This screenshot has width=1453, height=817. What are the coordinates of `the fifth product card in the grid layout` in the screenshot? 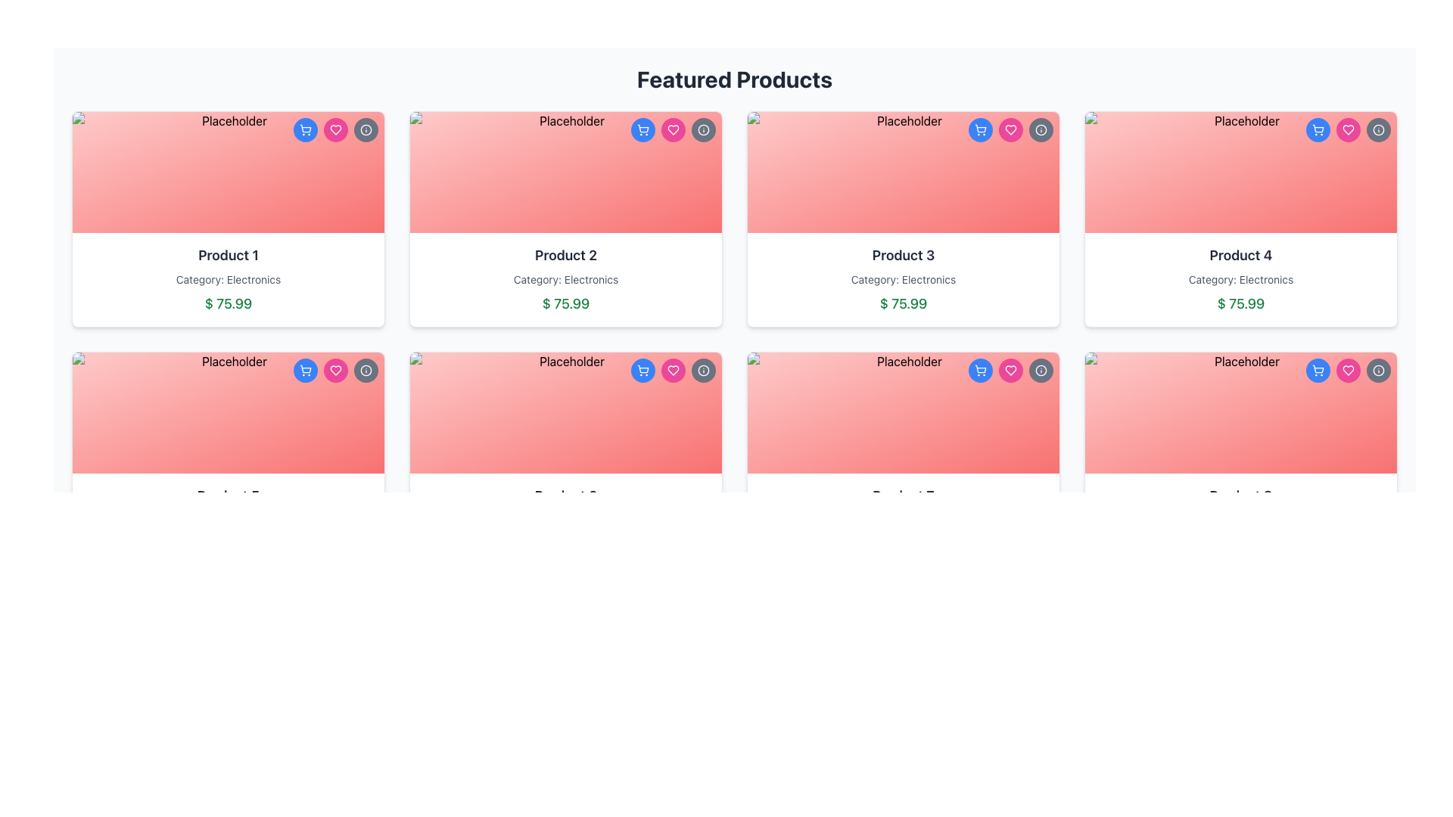 It's located at (228, 459).